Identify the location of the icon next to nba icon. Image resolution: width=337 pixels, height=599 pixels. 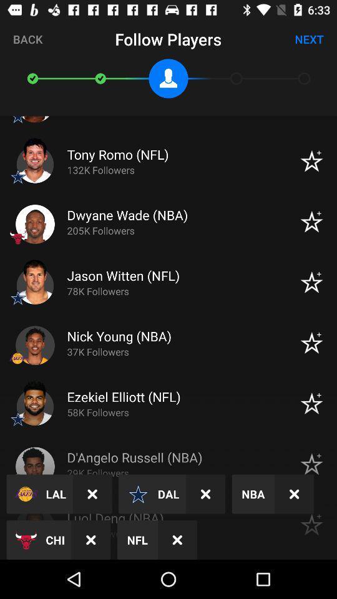
(205, 494).